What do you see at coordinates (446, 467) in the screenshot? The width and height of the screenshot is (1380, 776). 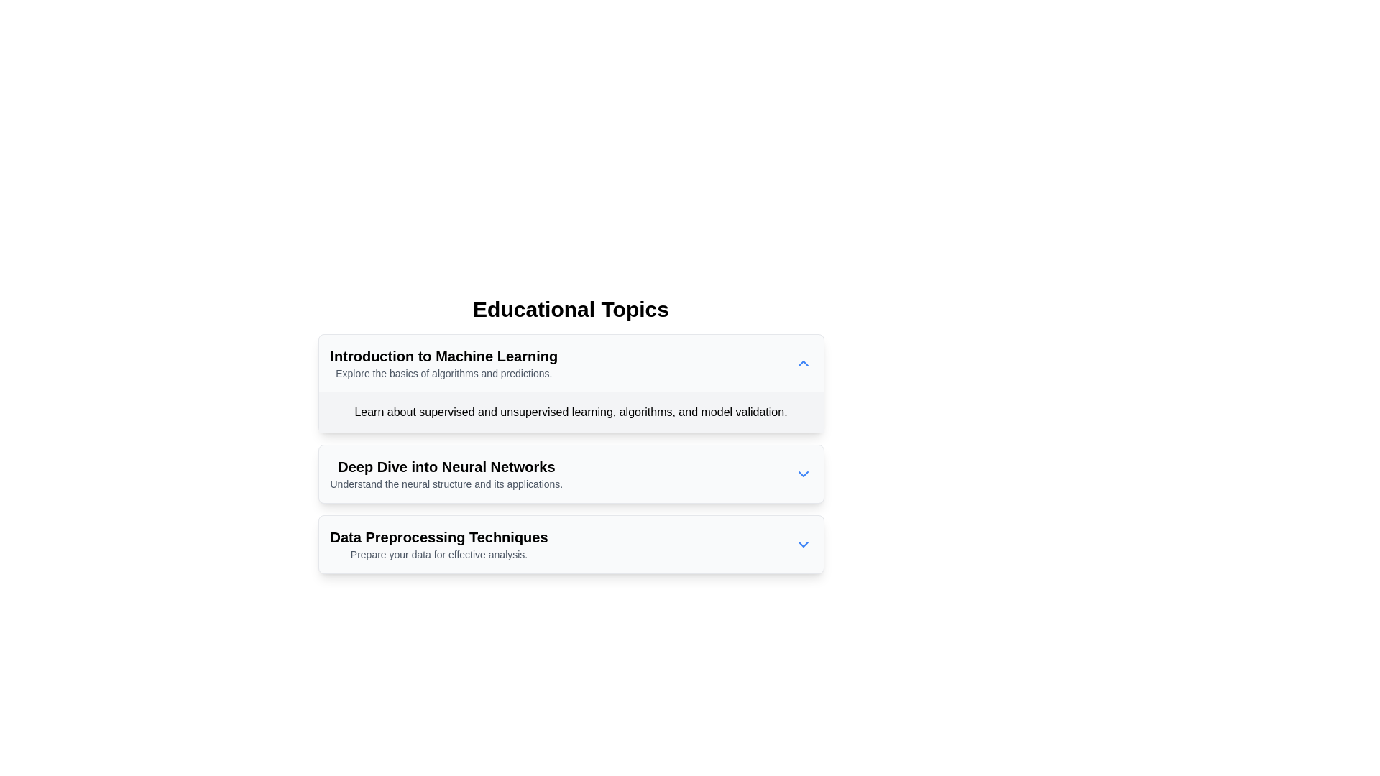 I see `bolded header text 'Deep Dive into Neural Networks' prominently displayed as the title of the section` at bounding box center [446, 467].